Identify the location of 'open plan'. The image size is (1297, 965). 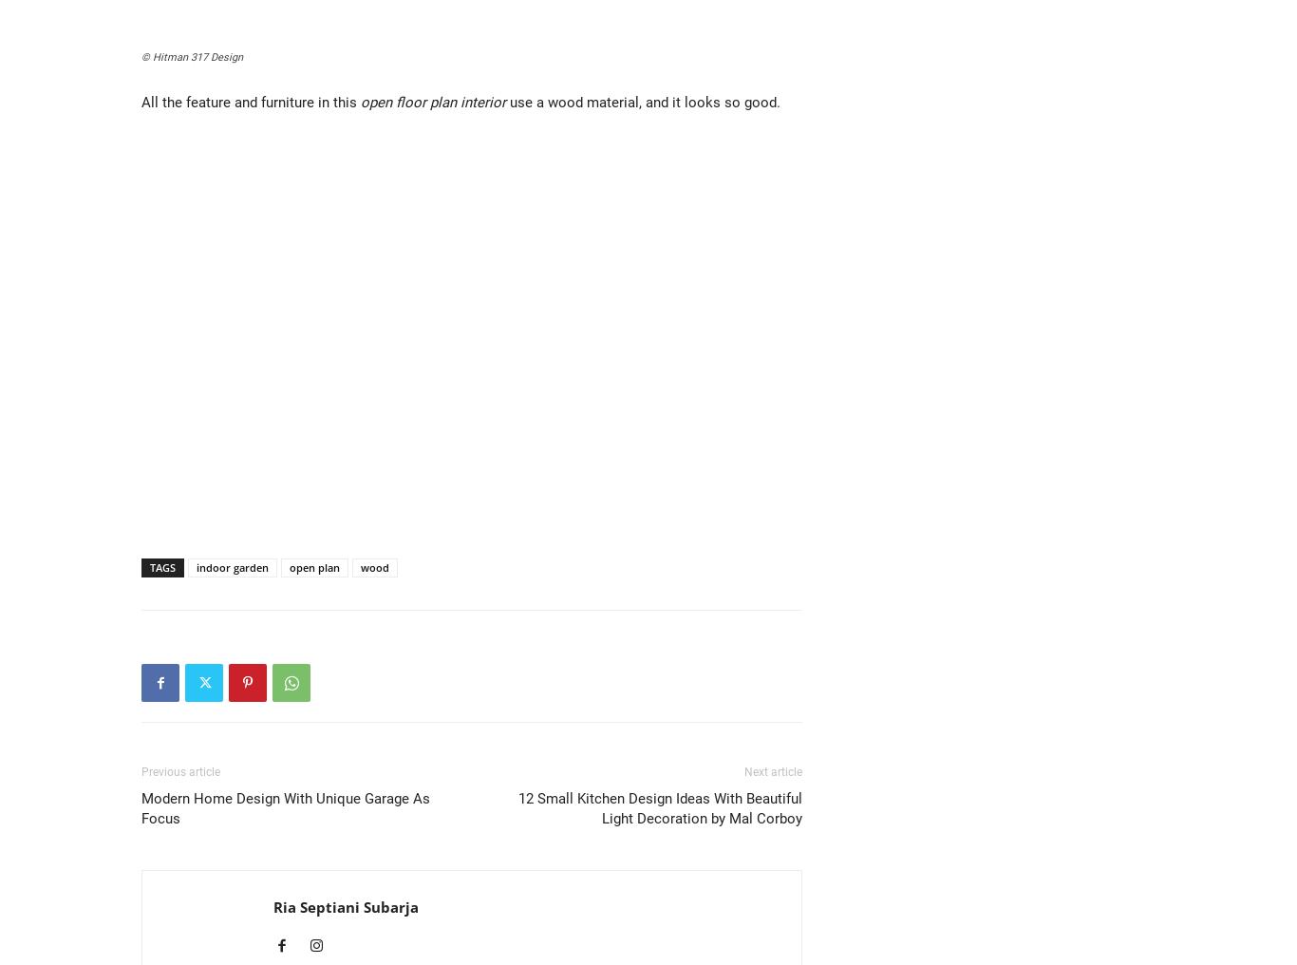
(314, 567).